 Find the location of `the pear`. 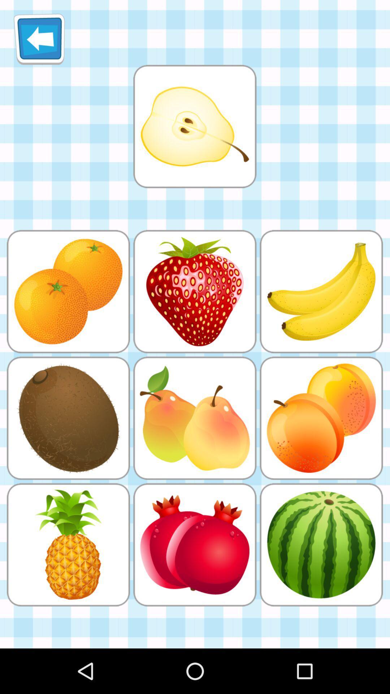

the pear is located at coordinates (194, 126).